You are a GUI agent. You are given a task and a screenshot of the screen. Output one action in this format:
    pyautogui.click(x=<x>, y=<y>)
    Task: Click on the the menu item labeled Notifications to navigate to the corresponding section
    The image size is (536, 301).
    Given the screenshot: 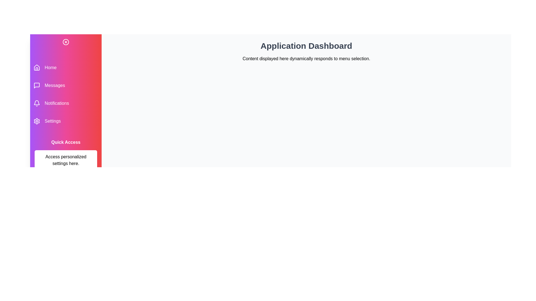 What is the action you would take?
    pyautogui.click(x=66, y=103)
    